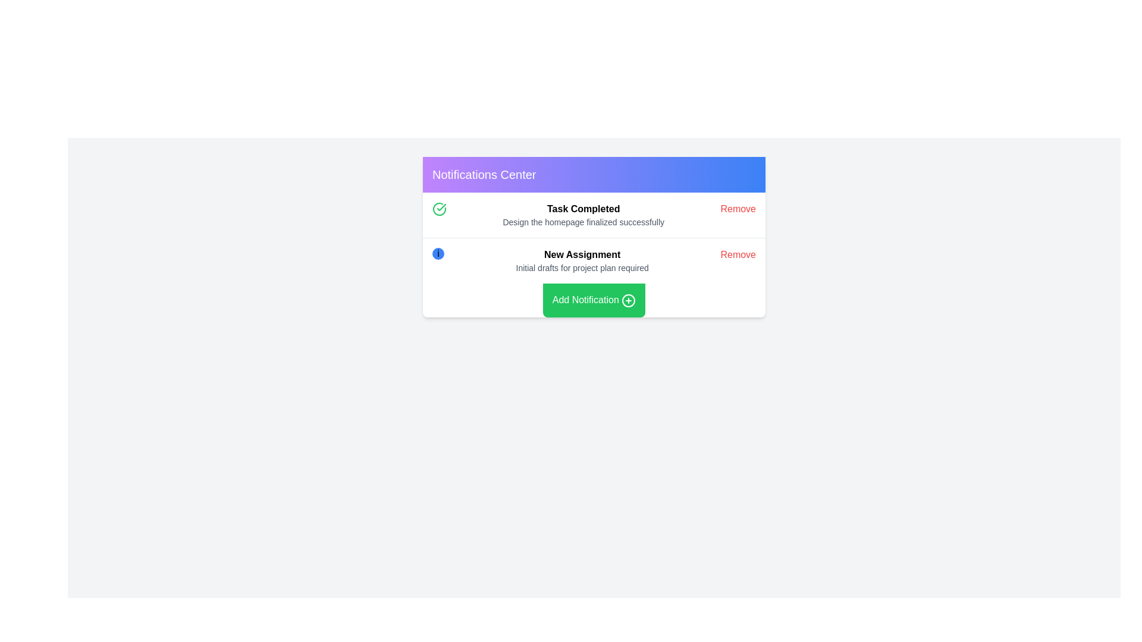 This screenshot has width=1142, height=642. What do you see at coordinates (628, 300) in the screenshot?
I see `the decorative SVG circle element that is part of the '+' icon in the button located at the bottom center of the notification center area` at bounding box center [628, 300].